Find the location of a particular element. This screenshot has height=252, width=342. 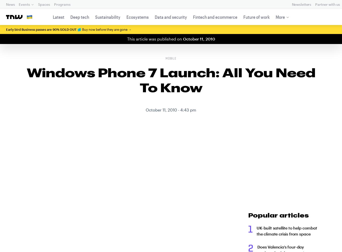

'Popular articles' is located at coordinates (248, 215).